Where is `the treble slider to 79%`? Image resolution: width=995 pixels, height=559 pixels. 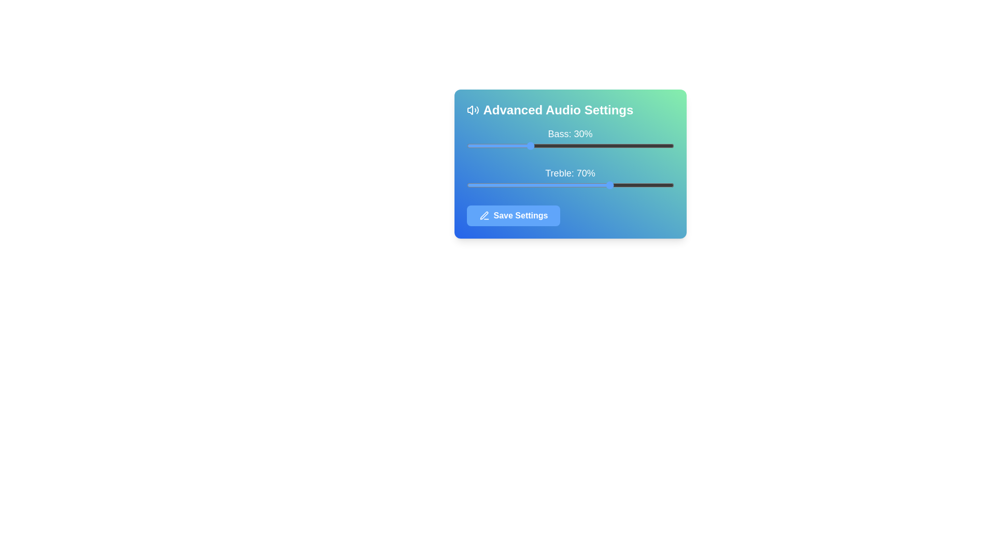 the treble slider to 79% is located at coordinates (630, 185).